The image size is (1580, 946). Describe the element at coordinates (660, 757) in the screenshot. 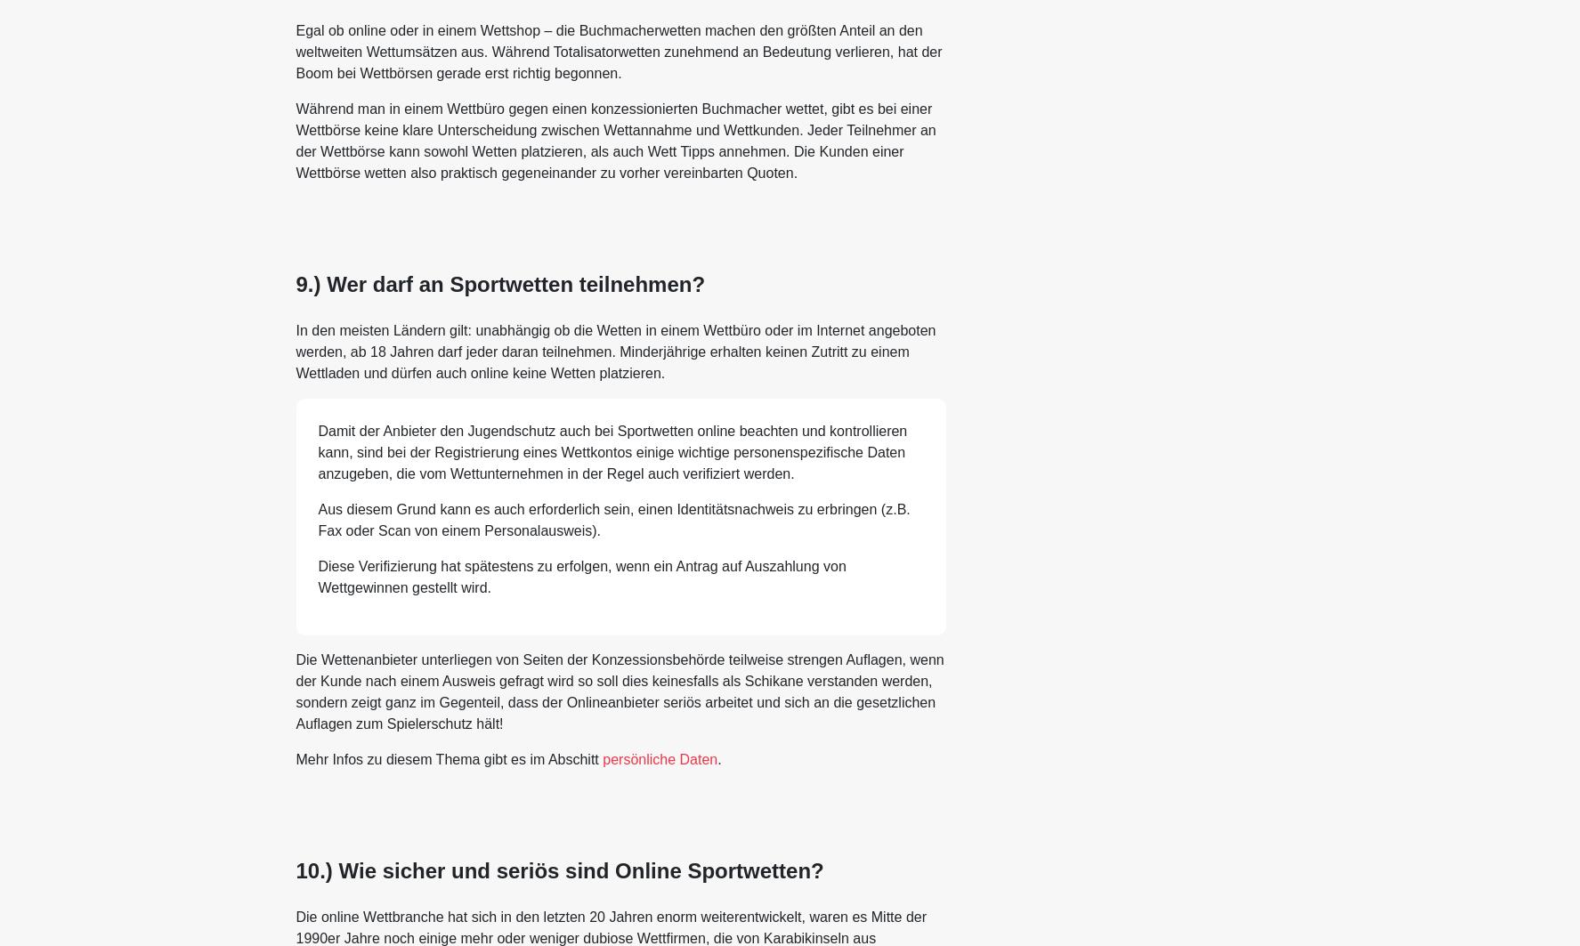

I see `'persönliche Daten'` at that location.